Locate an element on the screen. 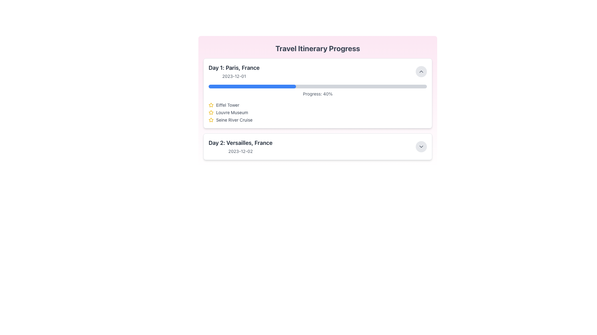 Image resolution: width=597 pixels, height=335 pixels. text of the Text Label displaying the date for the event or milestone located under 'Day 1: Paris, France' is located at coordinates (234, 76).